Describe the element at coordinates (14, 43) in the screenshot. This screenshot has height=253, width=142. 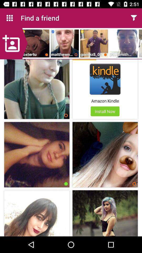
I see `click add option` at that location.